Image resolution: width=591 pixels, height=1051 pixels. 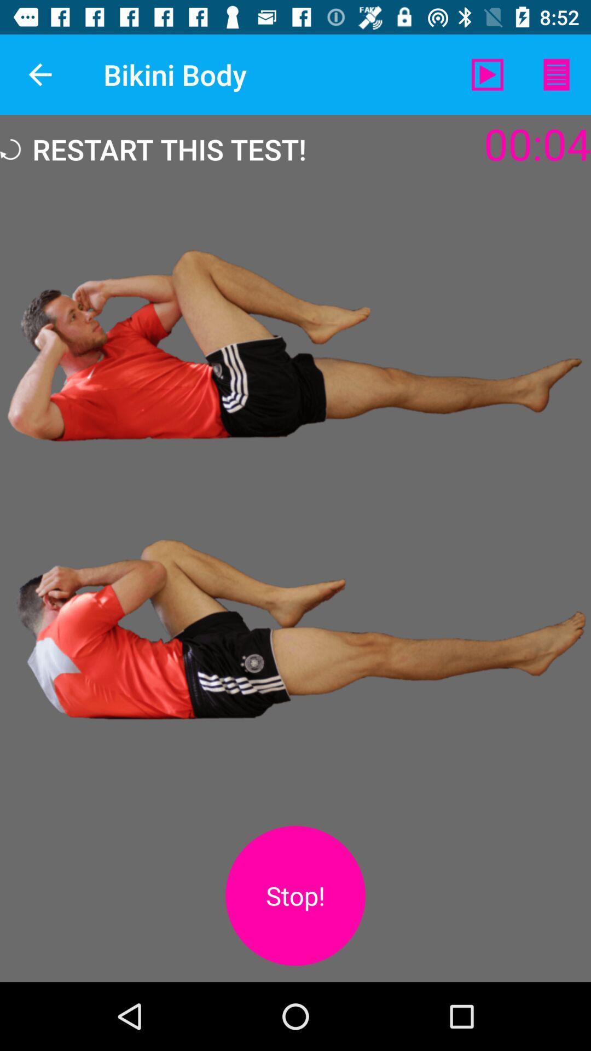 What do you see at coordinates (487, 74) in the screenshot?
I see `the icon to the right of restart this test! item` at bounding box center [487, 74].